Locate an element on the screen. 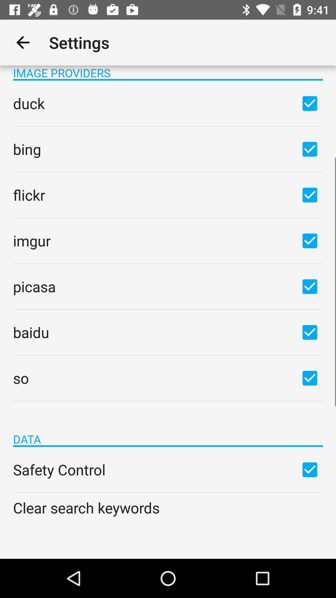  the box is located at coordinates (310, 286).